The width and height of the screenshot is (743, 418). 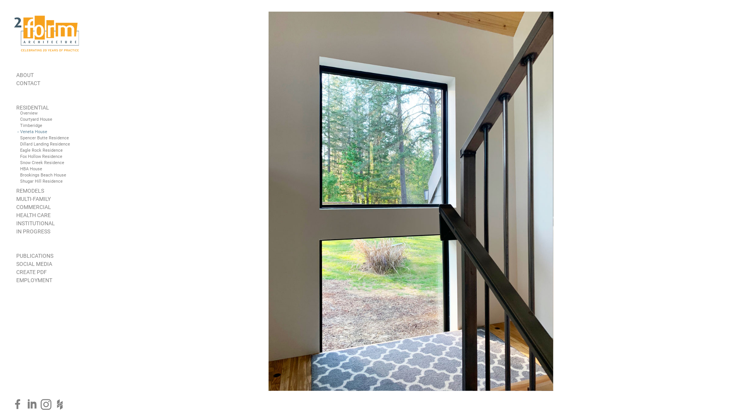 I want to click on 'Timberidge', so click(x=31, y=125).